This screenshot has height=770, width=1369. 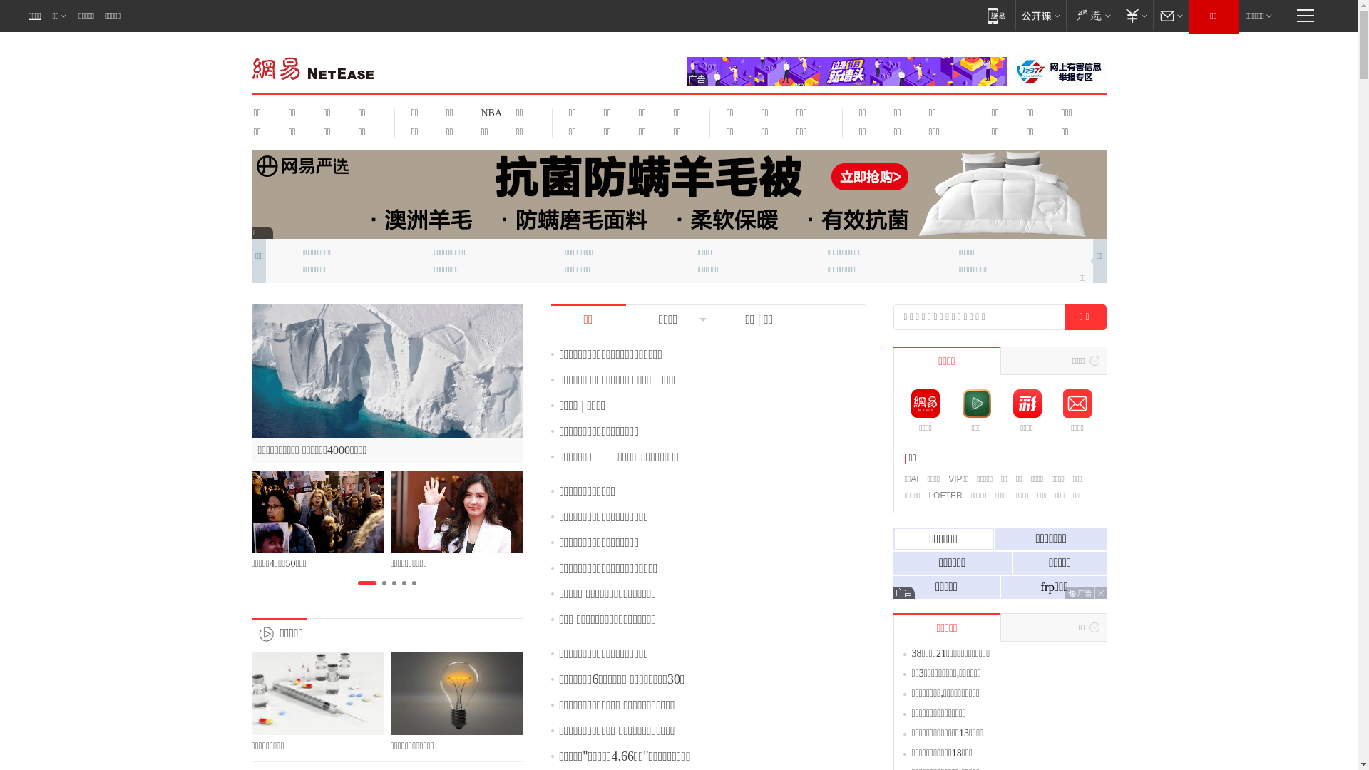 I want to click on 'LOFTER', so click(x=945, y=494).